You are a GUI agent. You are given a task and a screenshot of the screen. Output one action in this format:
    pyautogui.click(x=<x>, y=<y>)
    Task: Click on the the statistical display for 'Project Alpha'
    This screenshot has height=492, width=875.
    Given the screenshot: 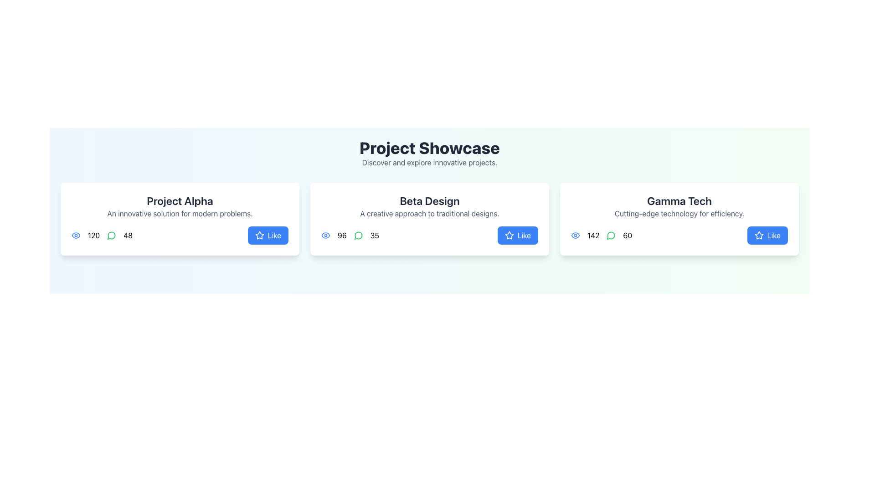 What is the action you would take?
    pyautogui.click(x=102, y=235)
    